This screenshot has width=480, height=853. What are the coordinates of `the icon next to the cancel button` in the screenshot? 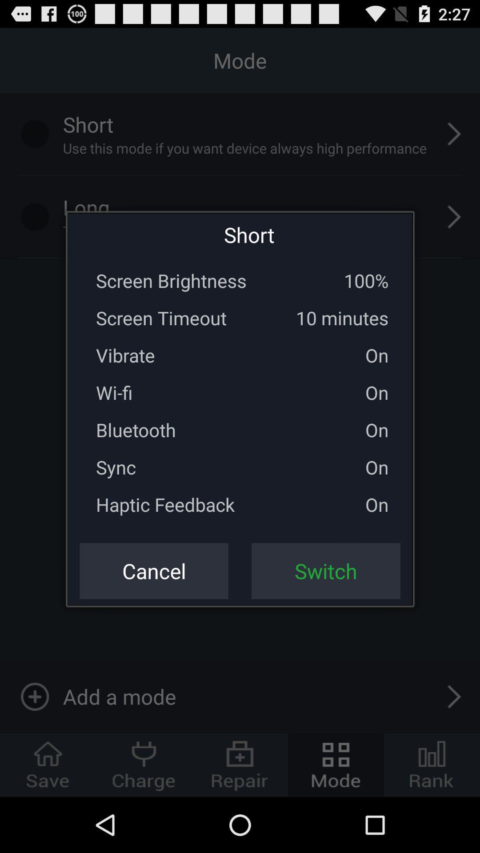 It's located at (326, 571).